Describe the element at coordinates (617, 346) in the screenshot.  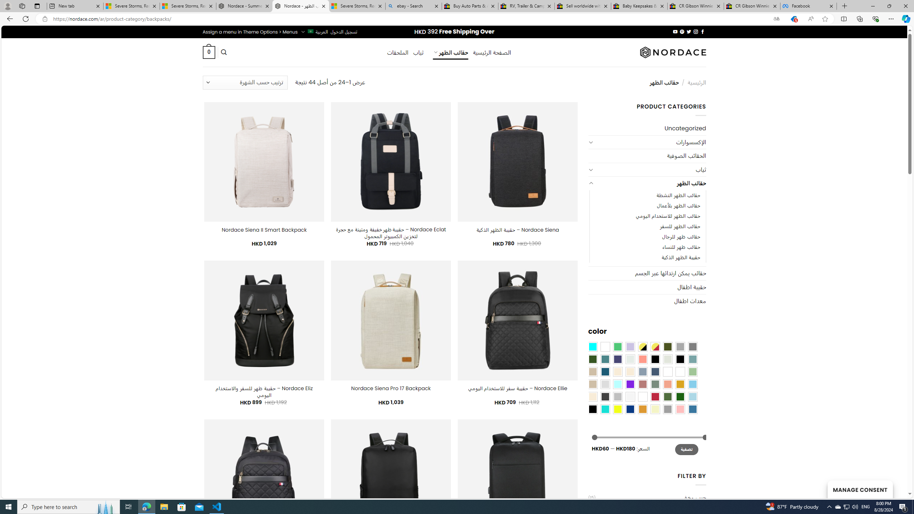
I see `'Emerald Green'` at that location.